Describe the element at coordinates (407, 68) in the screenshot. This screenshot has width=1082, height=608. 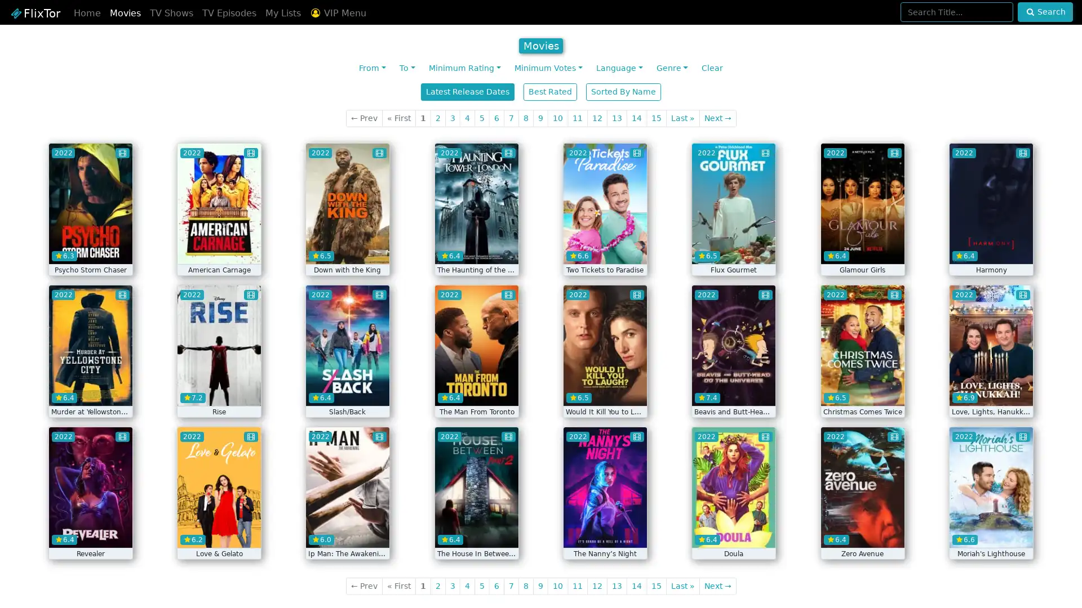
I see `To` at that location.